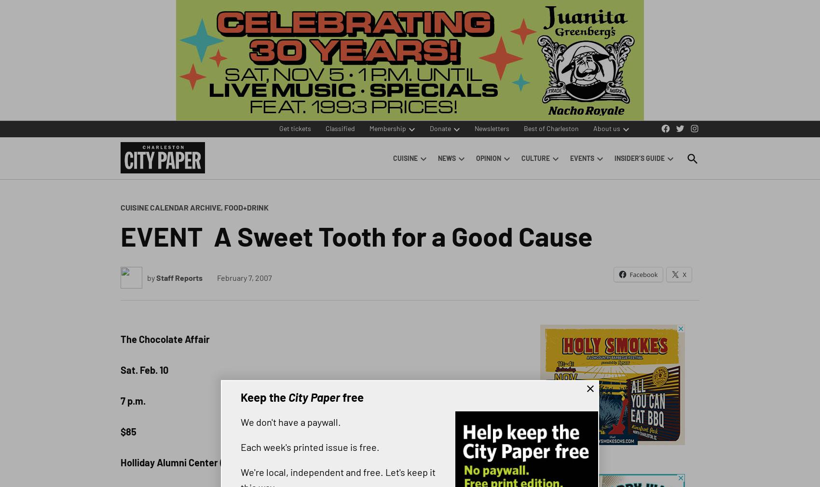  I want to click on 'EVENT ‌ A Sweet Tooth for a Good Cause', so click(356, 235).